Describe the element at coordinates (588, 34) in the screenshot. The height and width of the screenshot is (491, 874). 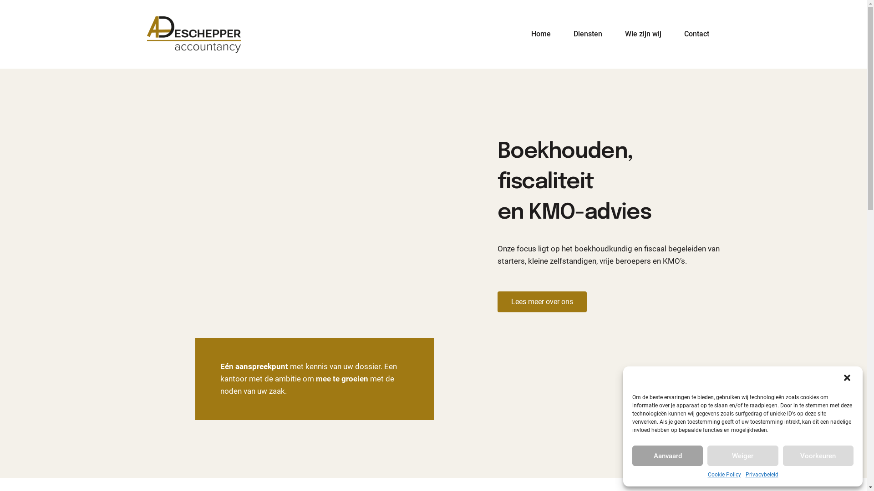
I see `'Diensten'` at that location.